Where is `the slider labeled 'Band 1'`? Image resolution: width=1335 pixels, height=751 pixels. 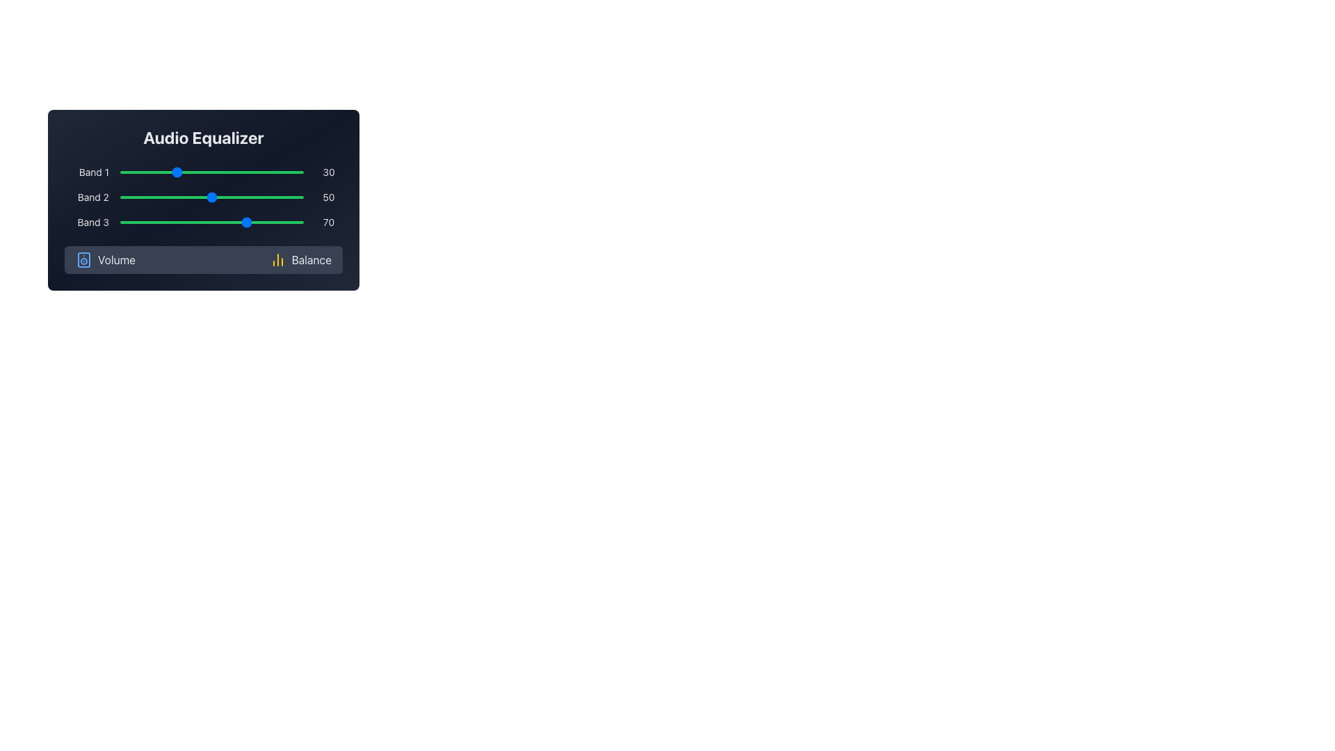 the slider labeled 'Band 1' is located at coordinates (237, 171).